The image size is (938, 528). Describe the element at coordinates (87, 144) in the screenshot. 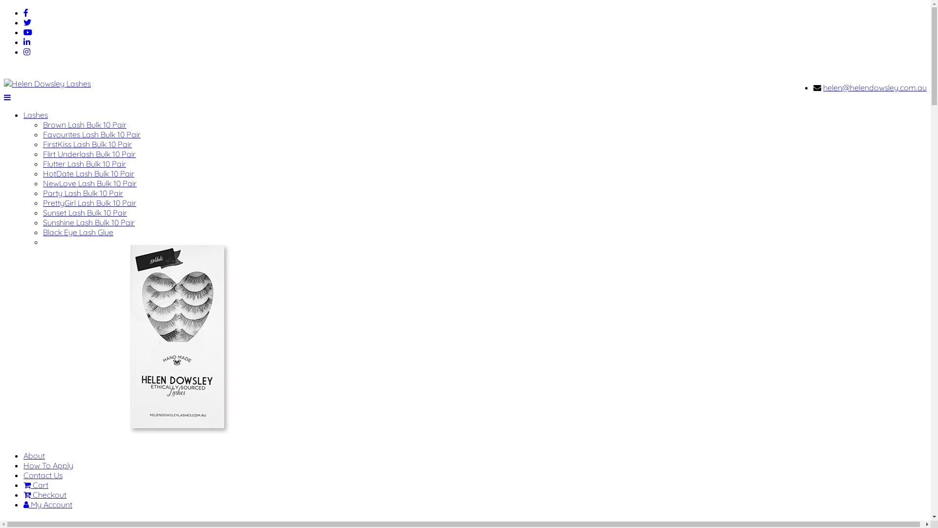

I see `'FirstKiss Lash Bulk 10 Pair'` at that location.